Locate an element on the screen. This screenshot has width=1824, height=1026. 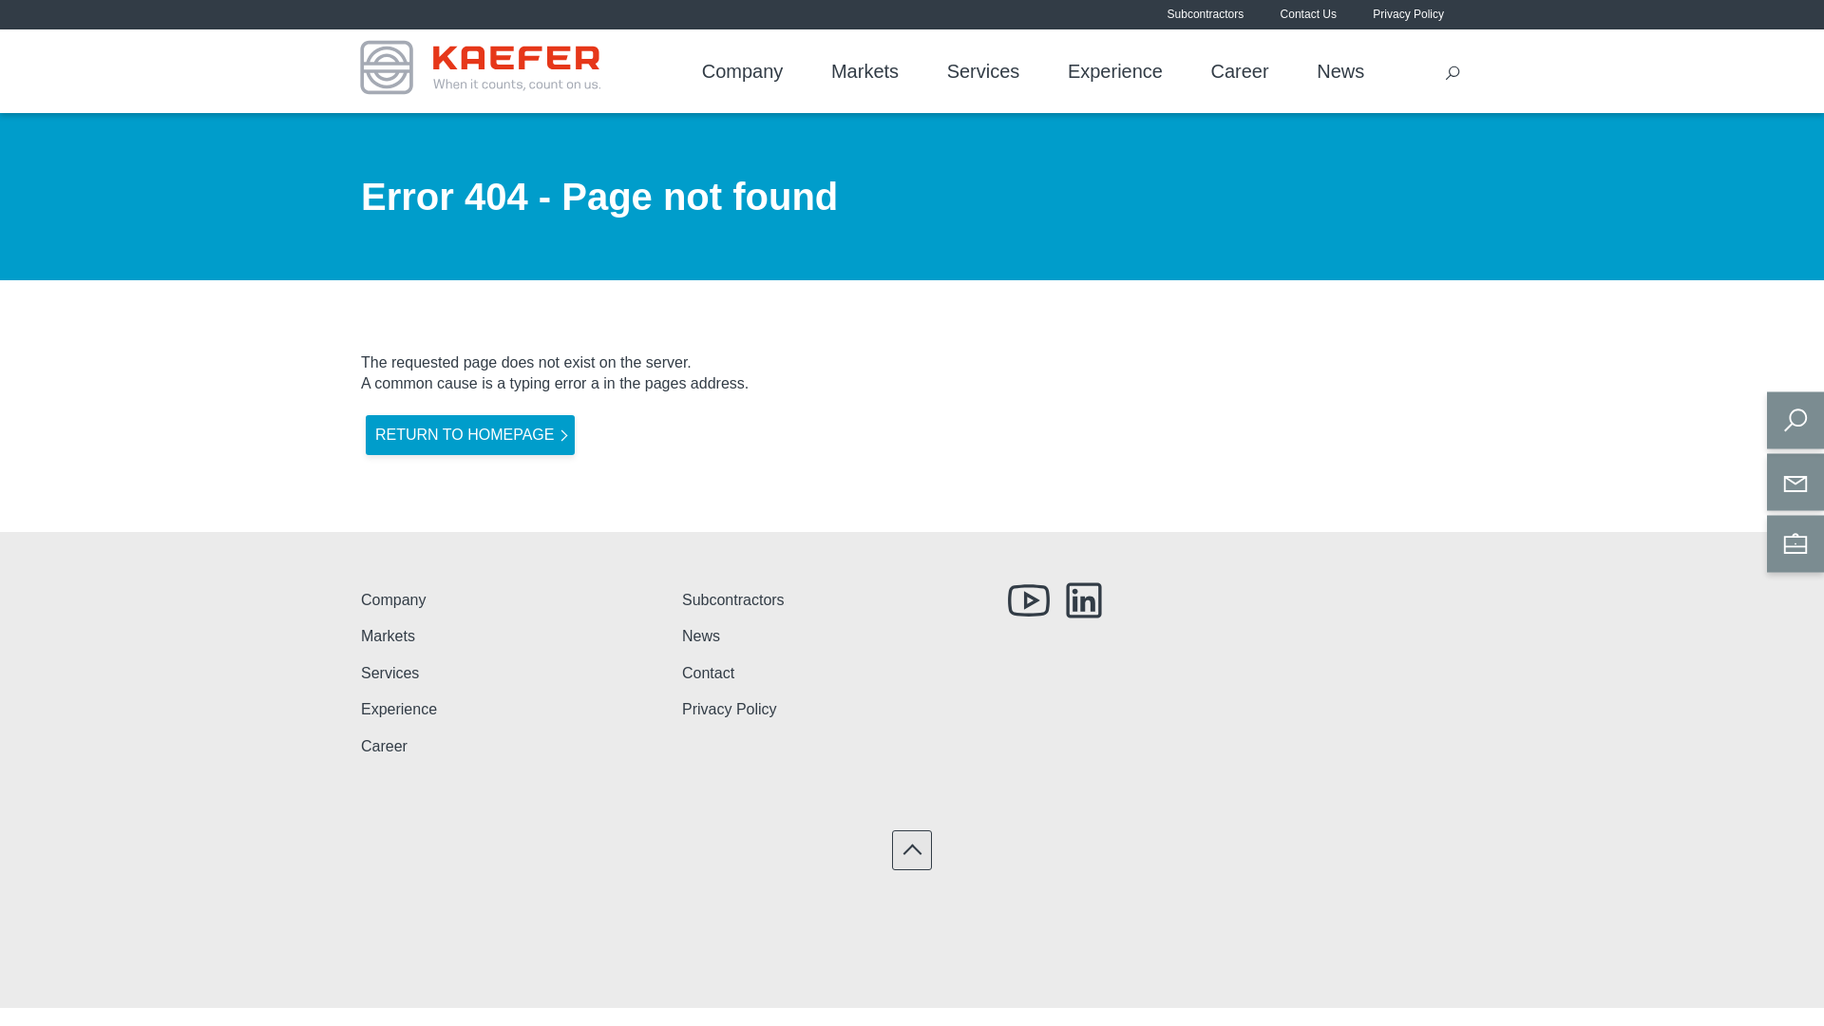
'Privacy Policy' is located at coordinates (1408, 14).